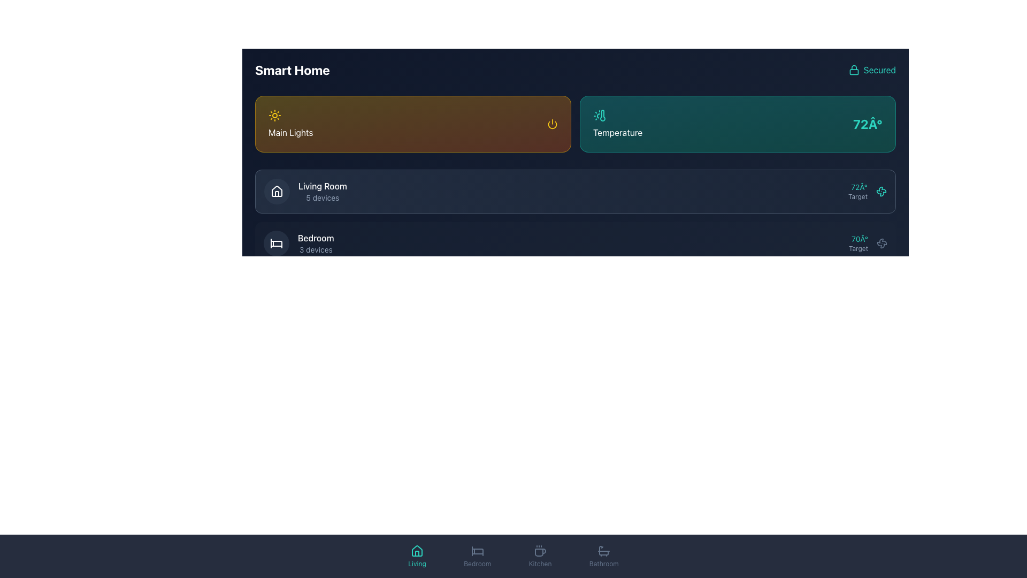 The image size is (1027, 578). Describe the element at coordinates (416, 551) in the screenshot. I see `the Icon Button depicting a stylized house outline, which is teal in color and located in the center of the navigation bar above the label 'Living'` at that location.